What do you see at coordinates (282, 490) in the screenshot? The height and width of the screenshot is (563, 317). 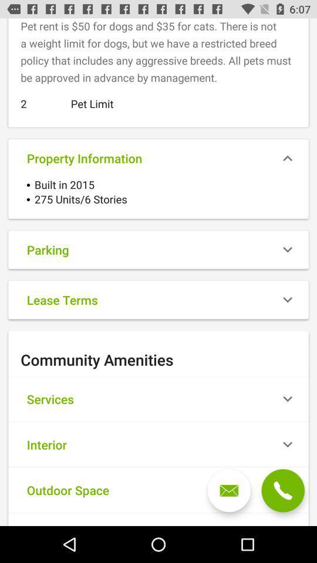 I see `the call icon` at bounding box center [282, 490].